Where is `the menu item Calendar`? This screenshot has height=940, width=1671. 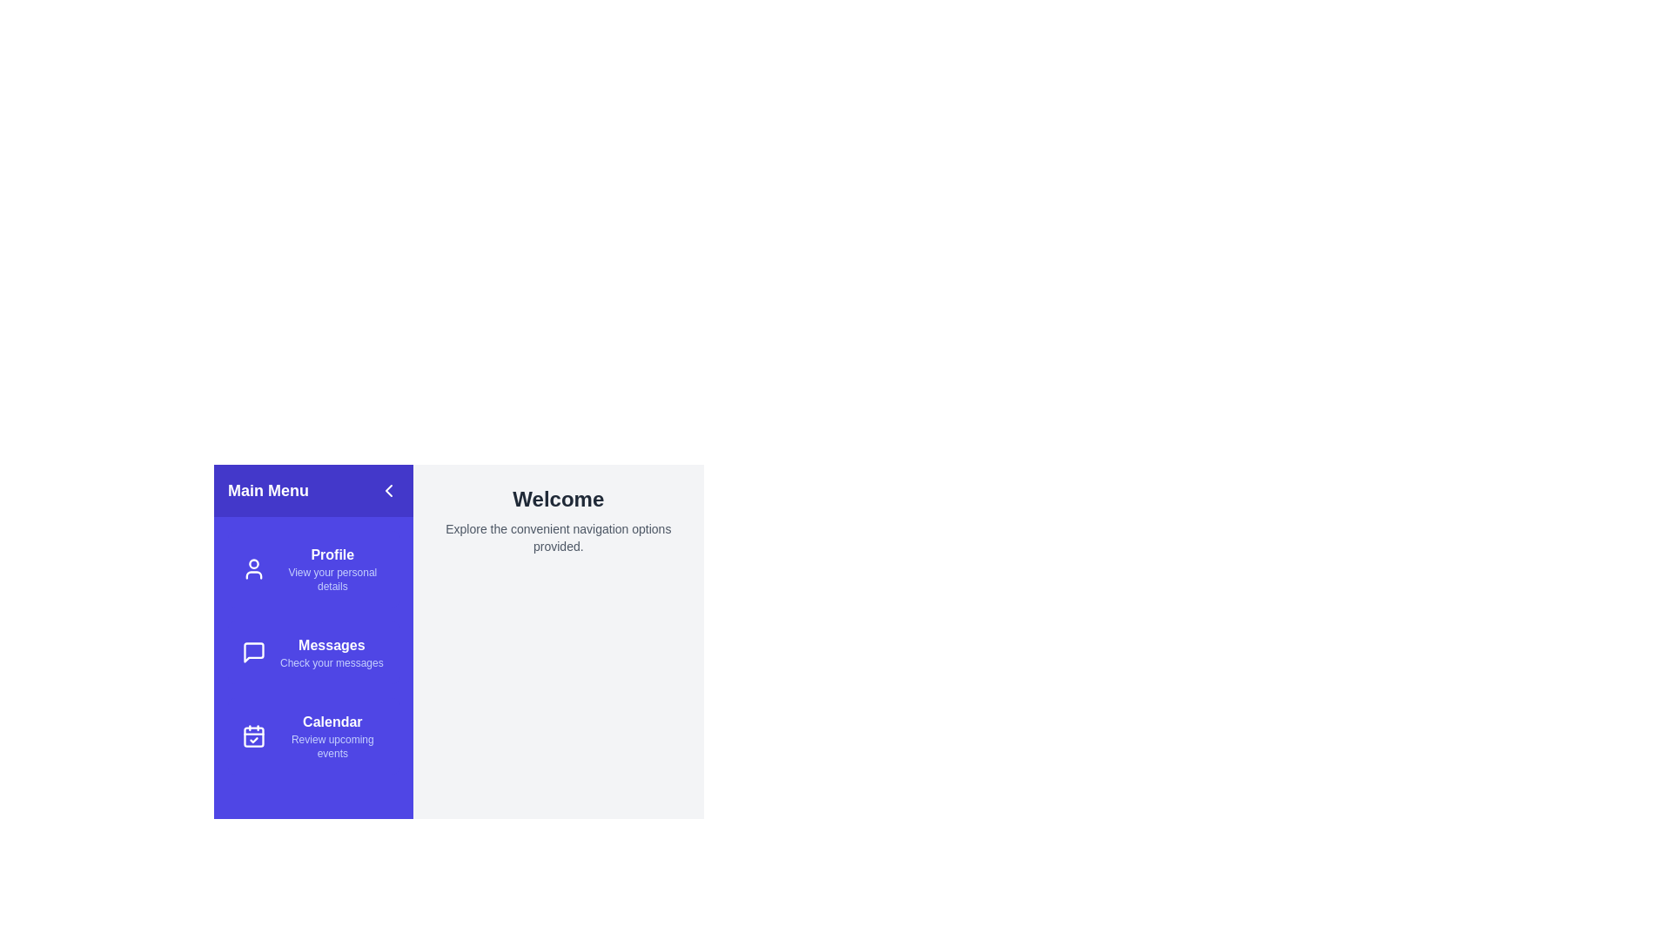 the menu item Calendar is located at coordinates (313, 735).